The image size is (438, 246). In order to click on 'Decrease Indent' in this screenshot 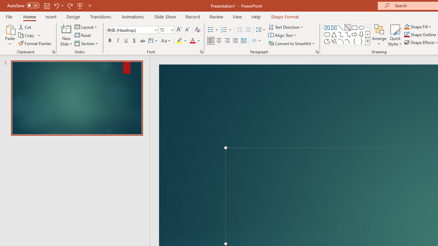, I will do `click(240, 29)`.